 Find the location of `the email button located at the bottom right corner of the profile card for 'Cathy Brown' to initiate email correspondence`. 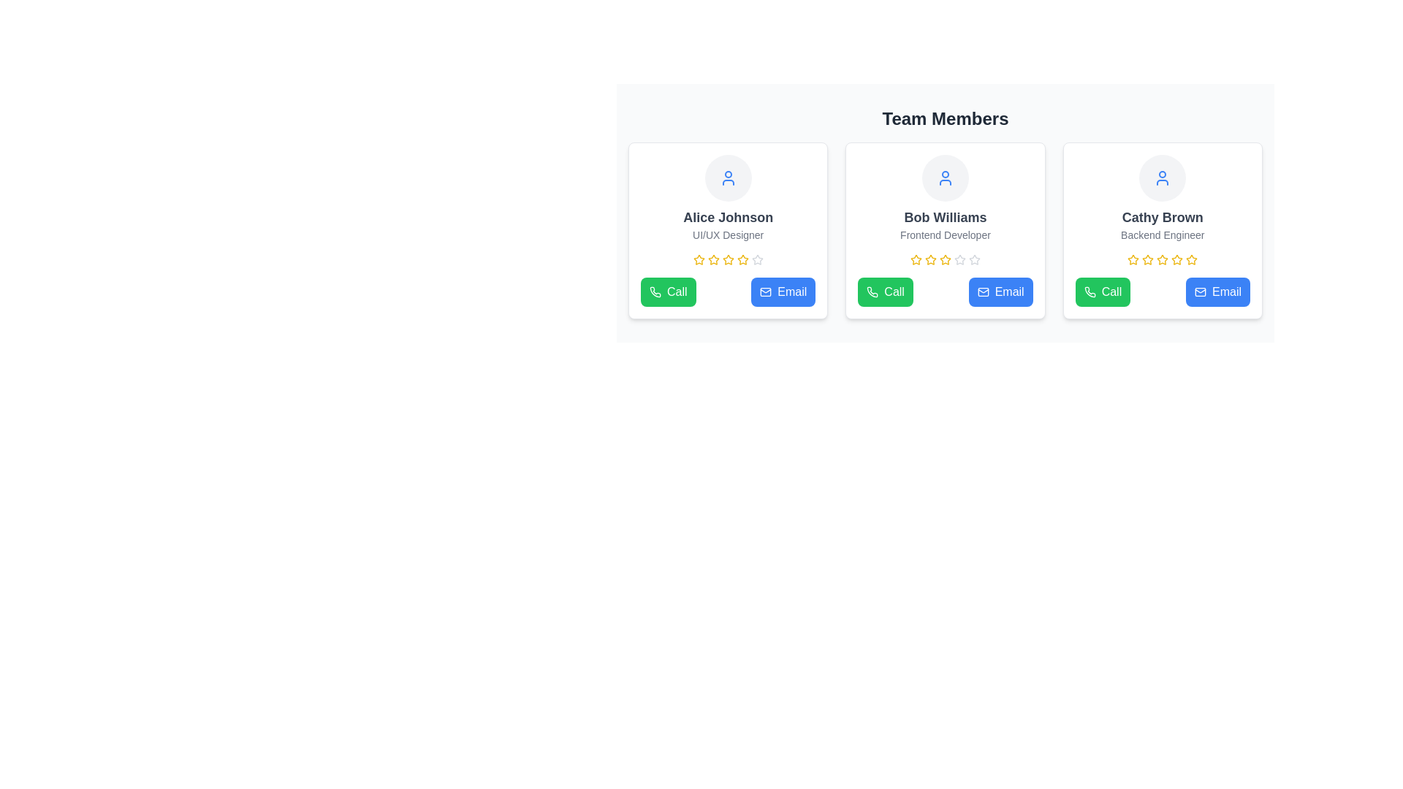

the email button located at the bottom right corner of the profile card for 'Cathy Brown' to initiate email correspondence is located at coordinates (1217, 292).